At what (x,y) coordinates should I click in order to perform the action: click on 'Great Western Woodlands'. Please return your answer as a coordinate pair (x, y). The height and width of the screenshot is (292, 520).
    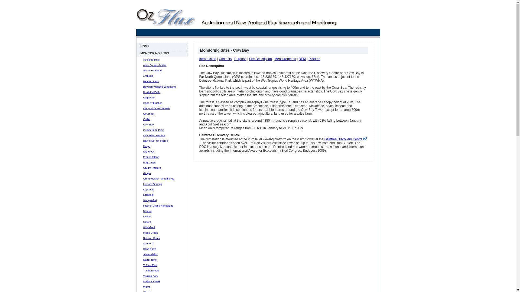
    Looking at the image, I should click on (158, 178).